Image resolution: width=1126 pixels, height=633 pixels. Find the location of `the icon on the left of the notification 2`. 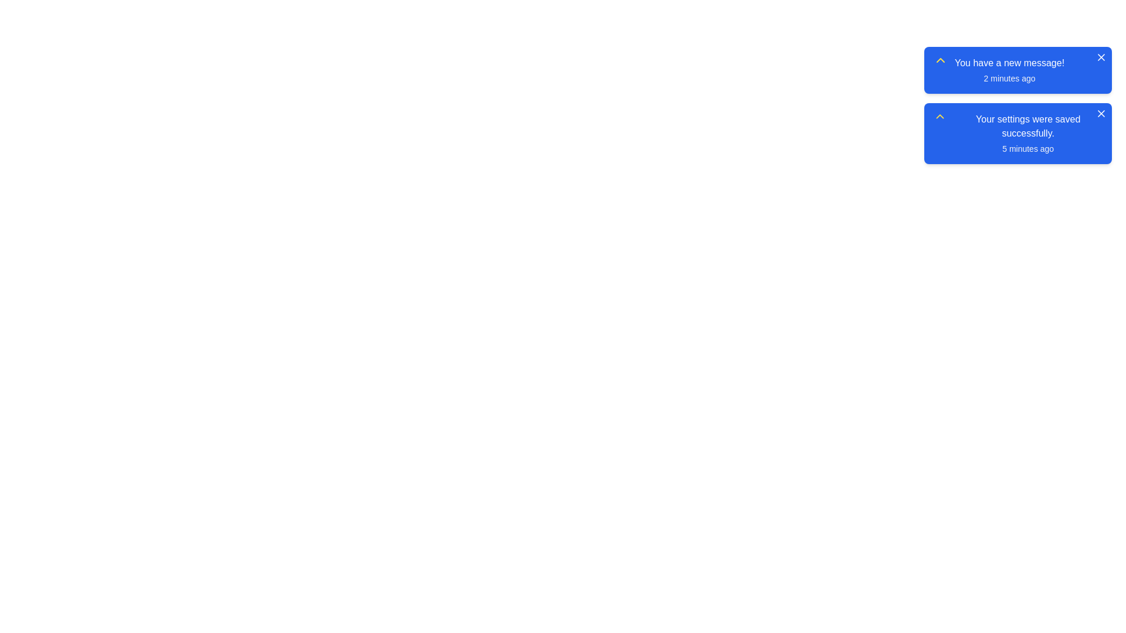

the icon on the left of the notification 2 is located at coordinates (940, 118).